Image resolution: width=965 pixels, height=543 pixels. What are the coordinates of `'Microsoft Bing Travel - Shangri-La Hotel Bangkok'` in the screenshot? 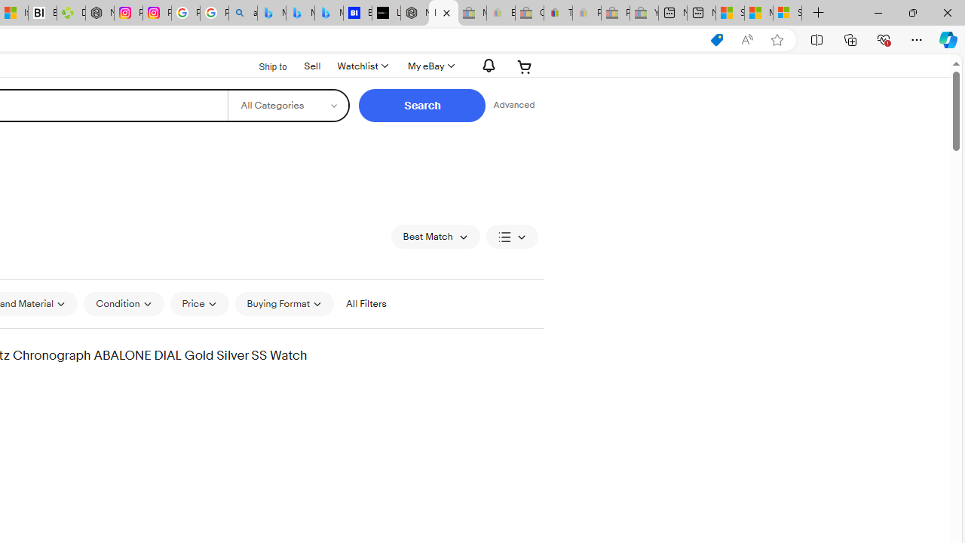 It's located at (328, 13).